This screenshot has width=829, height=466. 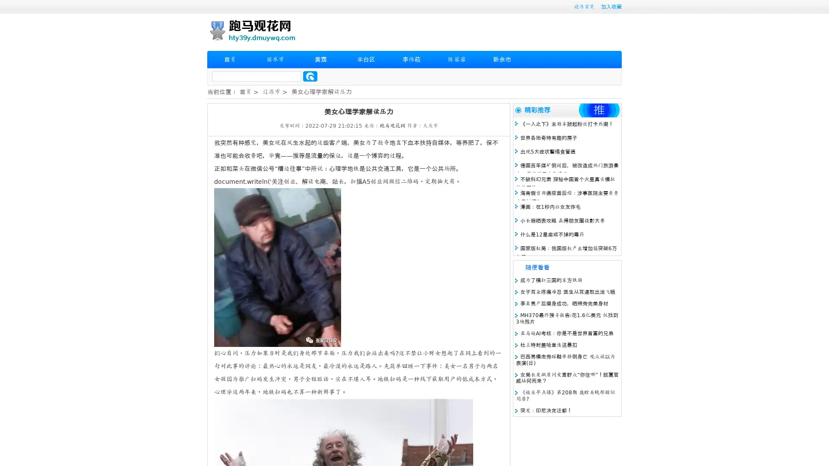 I want to click on Search, so click(x=310, y=76).